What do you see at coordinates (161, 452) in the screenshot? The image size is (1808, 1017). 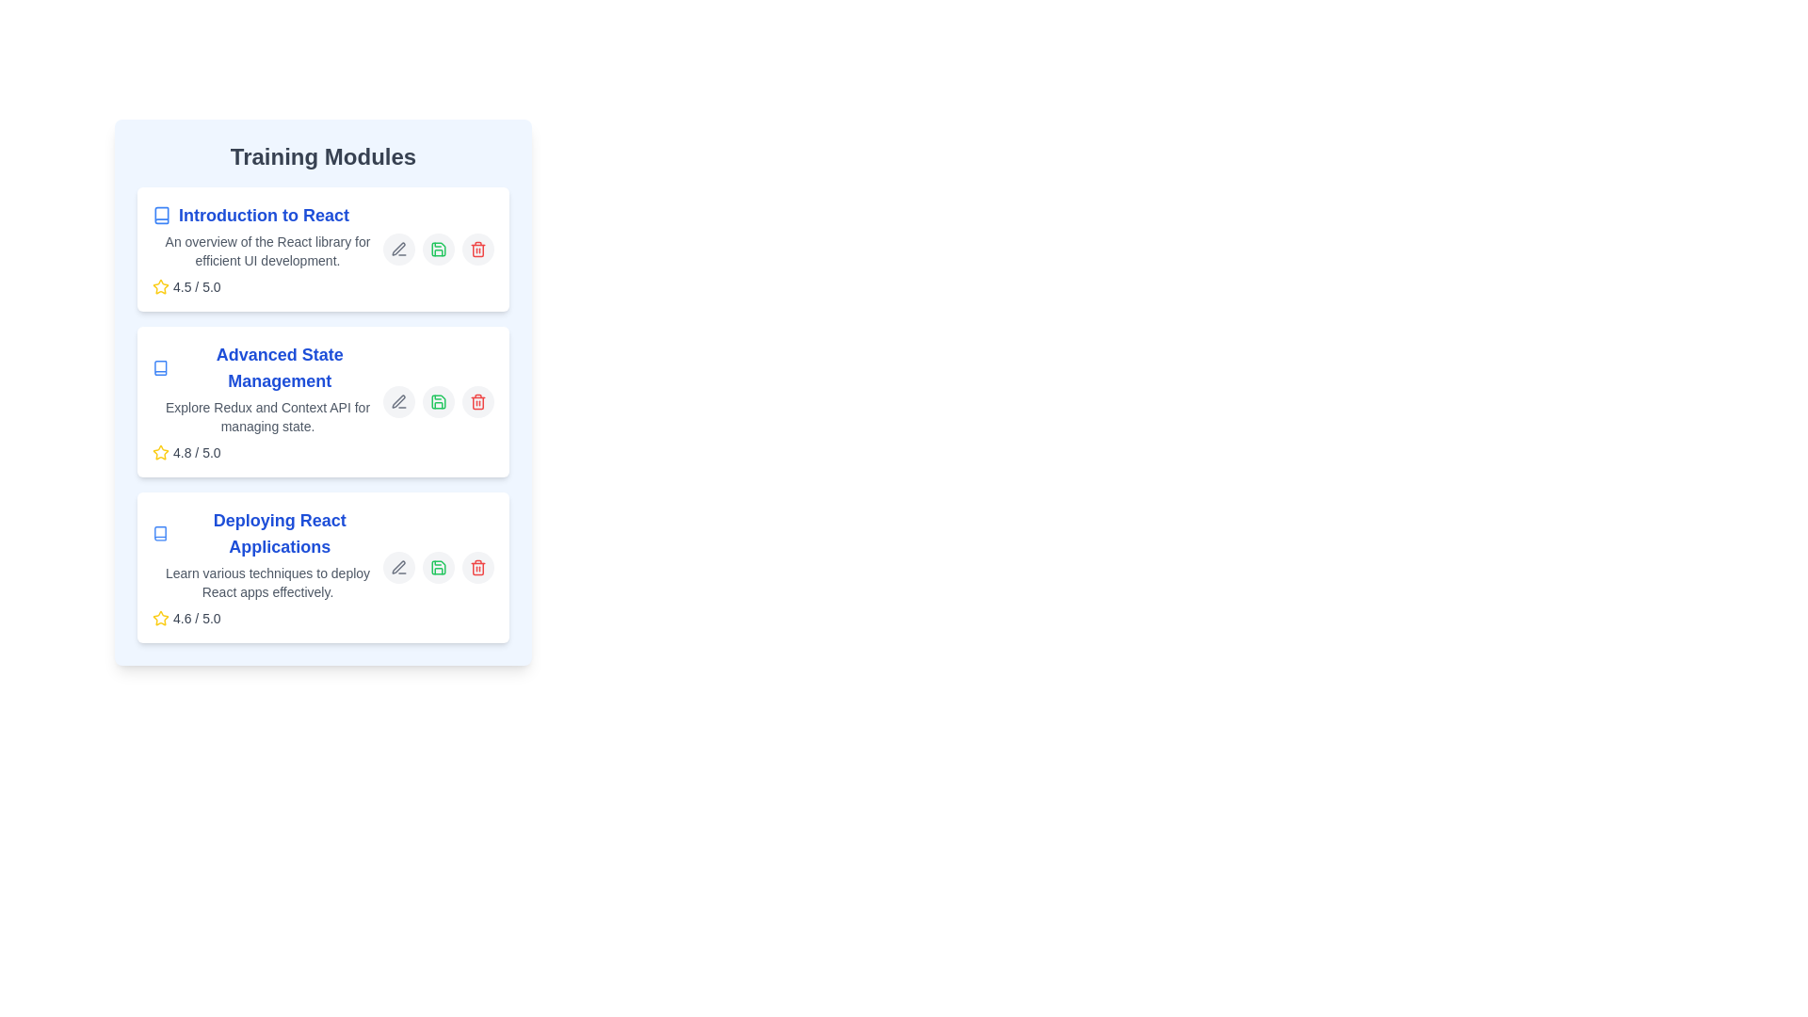 I see `the star-shaped icon filled with yellow color, part of the rating system, located in the bottom-right corner of the 'Deploying React Applications' module` at bounding box center [161, 452].